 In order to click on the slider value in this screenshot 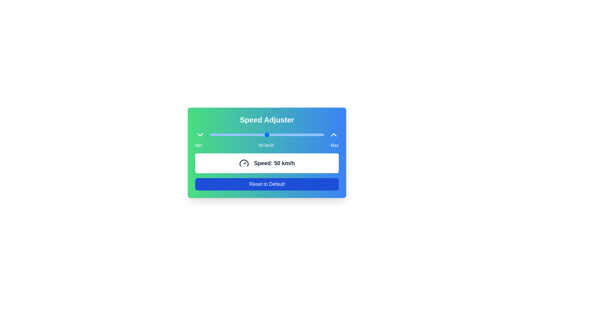, I will do `click(287, 134)`.